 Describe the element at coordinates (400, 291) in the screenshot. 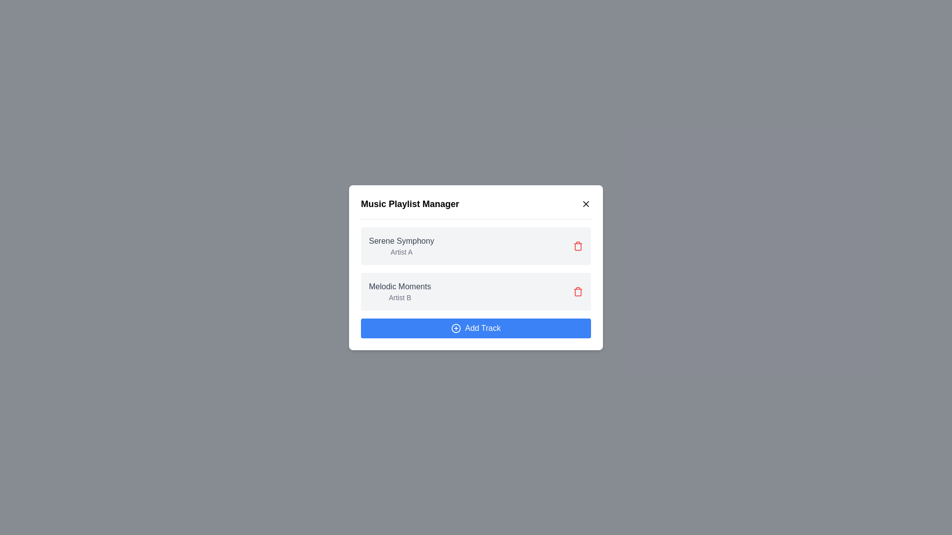

I see `the Text display for the track title and artist name, located under the main title 'Music Playlist Manager', as the second item in the list` at that location.